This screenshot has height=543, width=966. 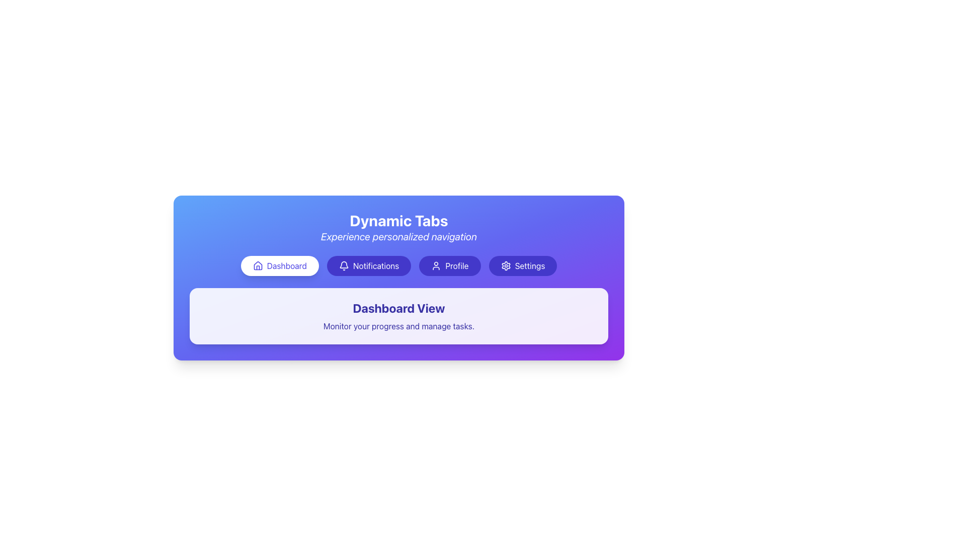 I want to click on the text label that indicates the purpose of the surrounding button for navigating to the dashboard section of the application, so click(x=286, y=265).